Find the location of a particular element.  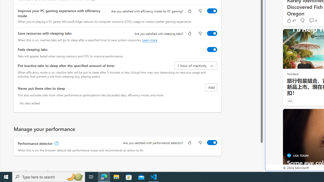

'View comments 6 Comment' is located at coordinates (312, 20).